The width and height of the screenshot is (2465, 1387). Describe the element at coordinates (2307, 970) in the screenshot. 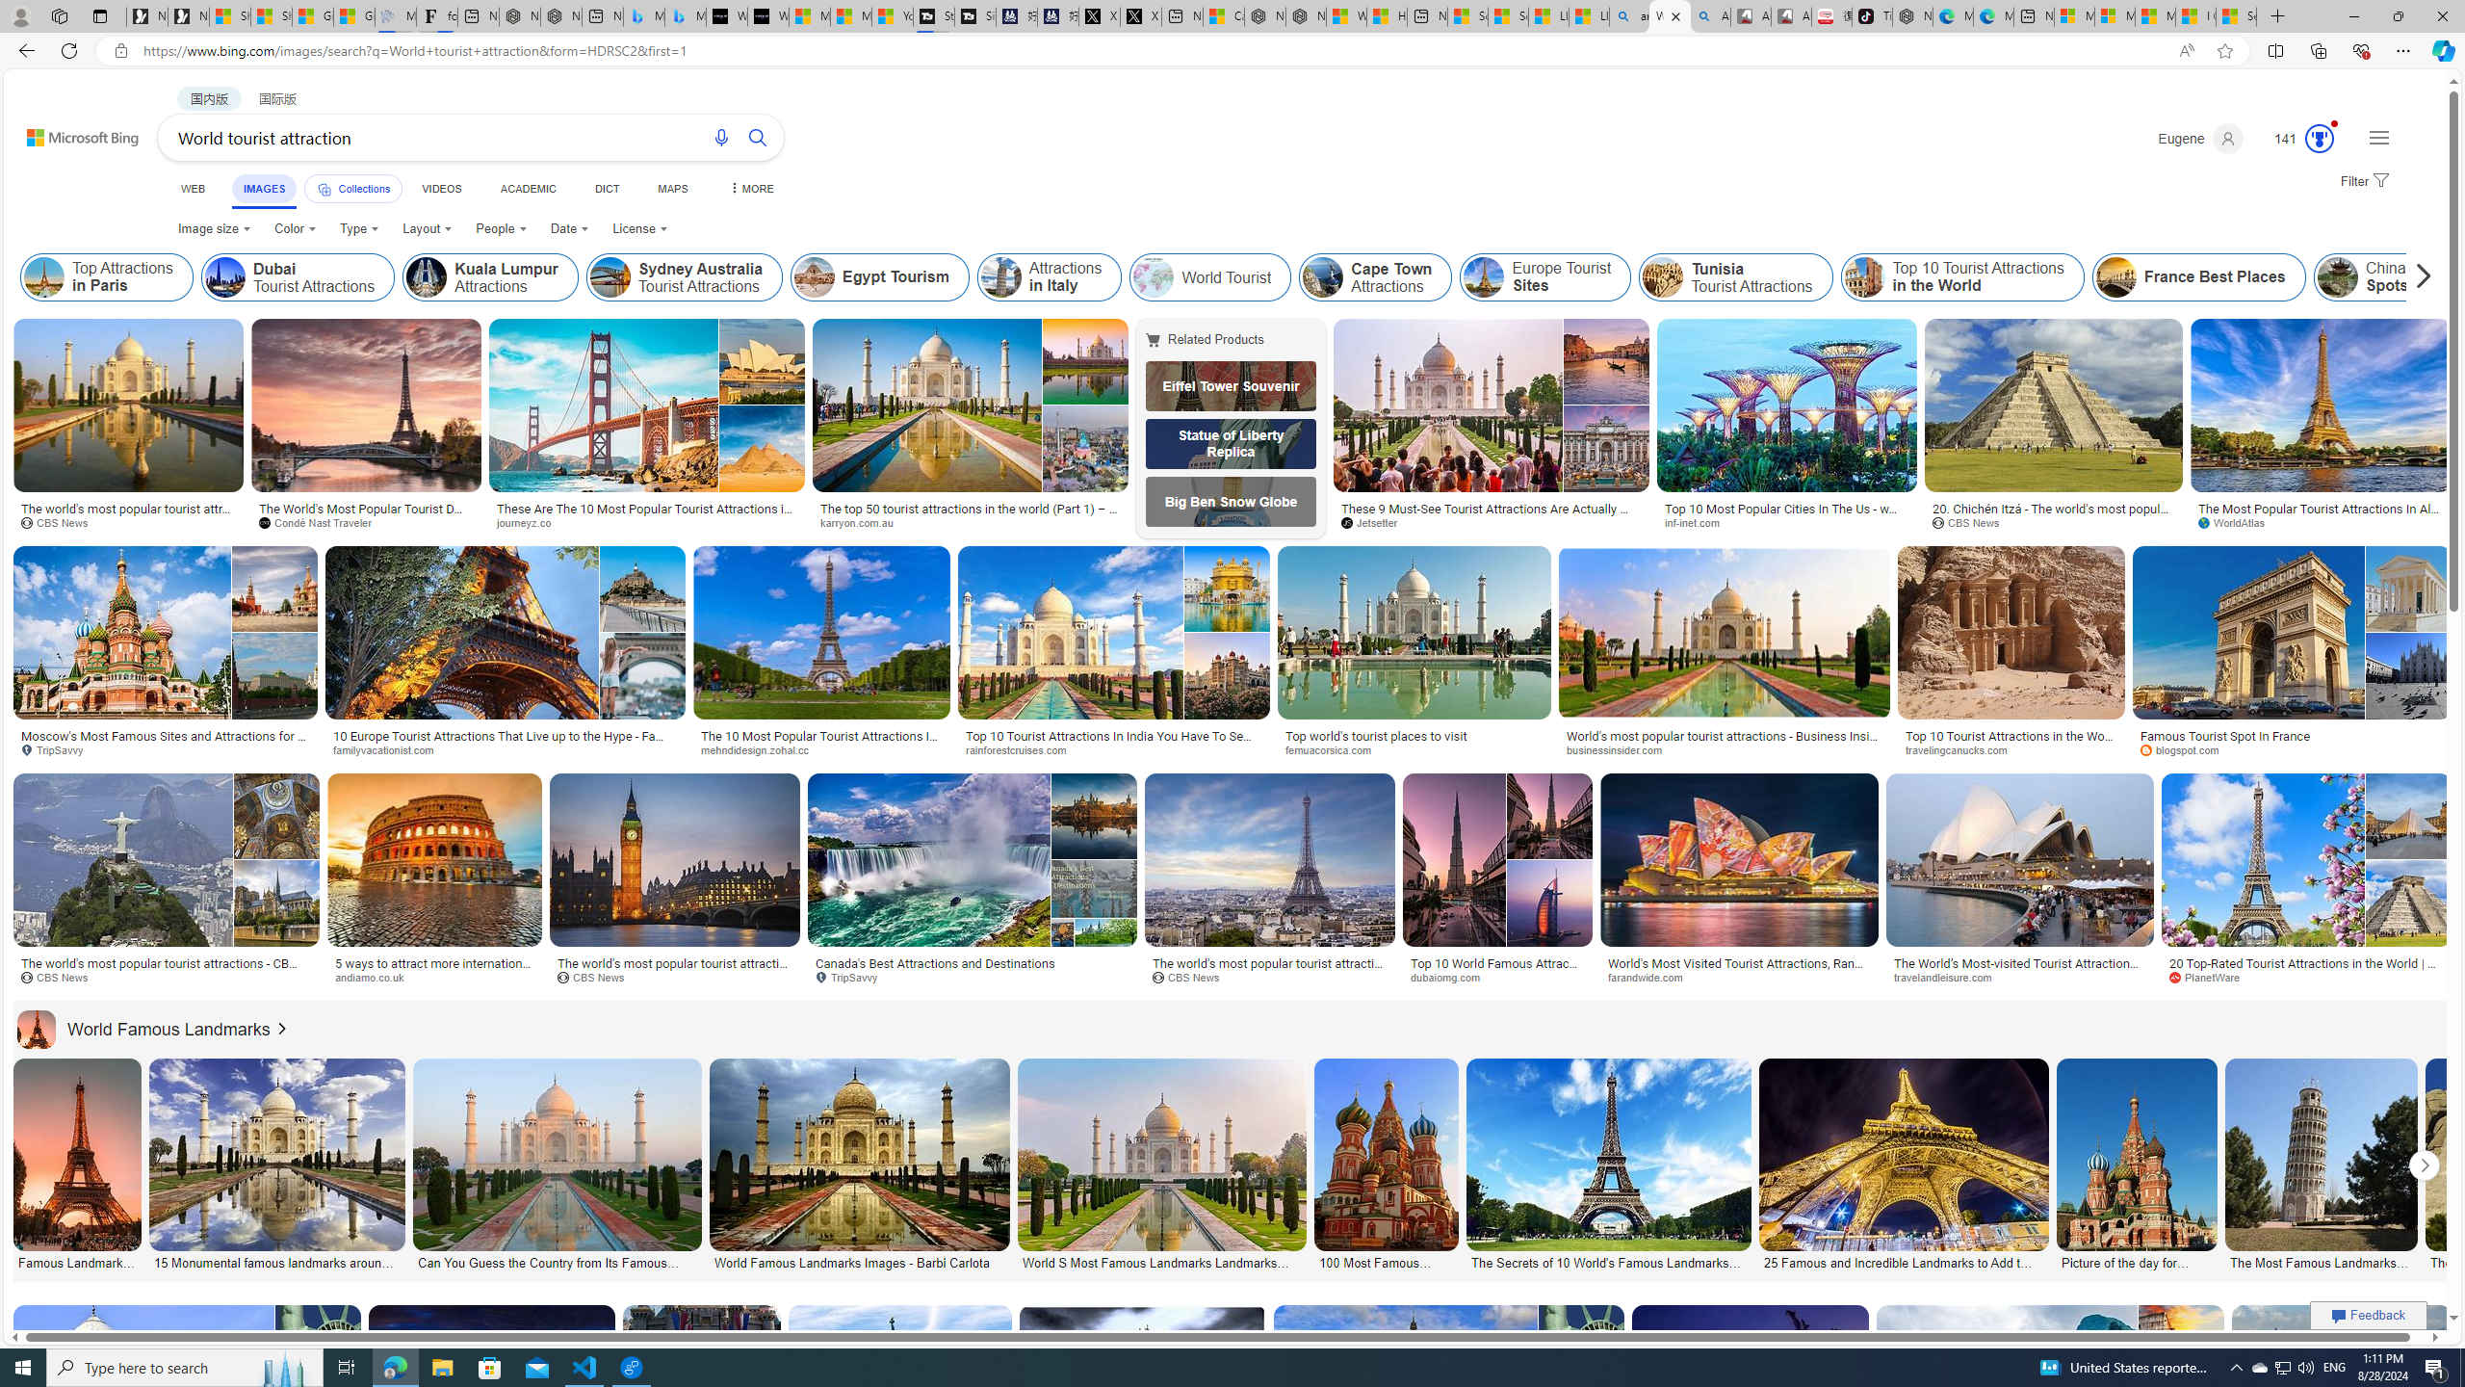

I see `'20 Top-Rated Tourist Attractions in the World | PlanetWare'` at that location.